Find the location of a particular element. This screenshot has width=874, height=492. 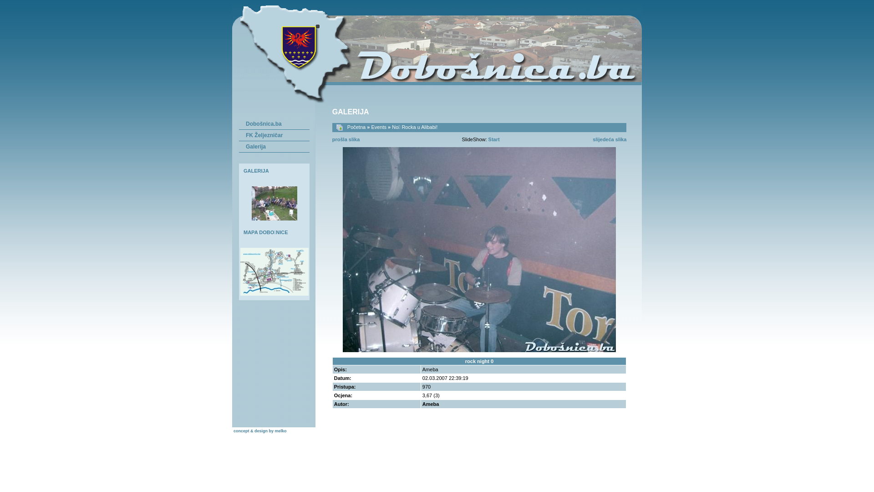

'Galerija' is located at coordinates (243, 146).